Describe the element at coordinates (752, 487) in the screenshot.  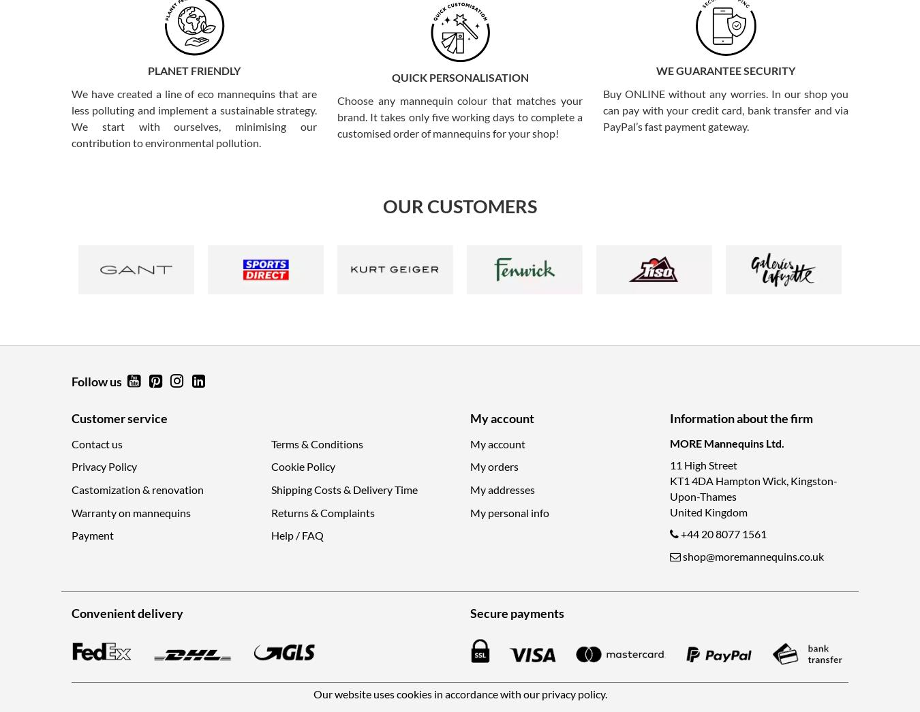
I see `'KT1 4DA Hampton Wick, Kingston-Upon-Thames'` at that location.